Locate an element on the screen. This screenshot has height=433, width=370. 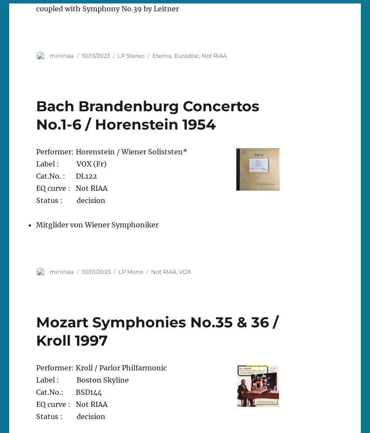
'Boston Skyline' is located at coordinates (102, 379).